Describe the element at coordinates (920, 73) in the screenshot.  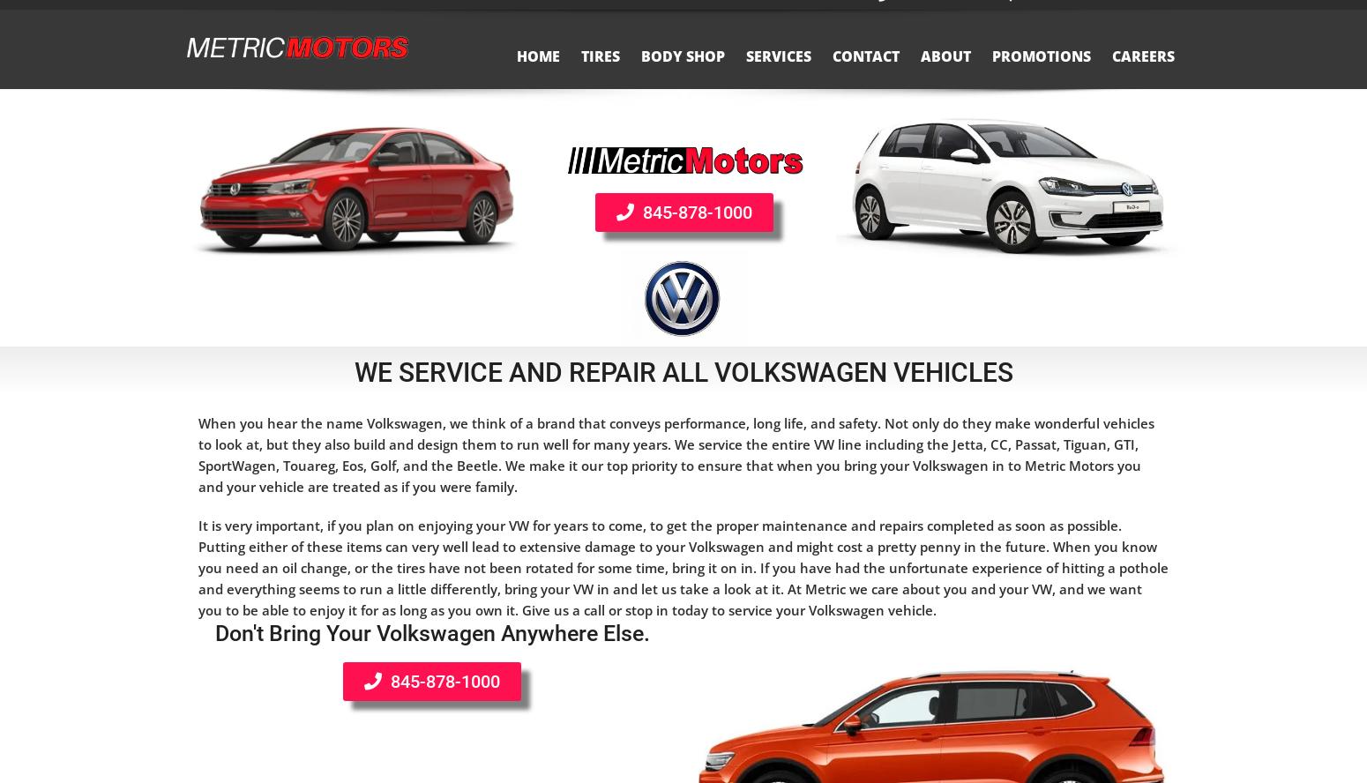
I see `'About'` at that location.